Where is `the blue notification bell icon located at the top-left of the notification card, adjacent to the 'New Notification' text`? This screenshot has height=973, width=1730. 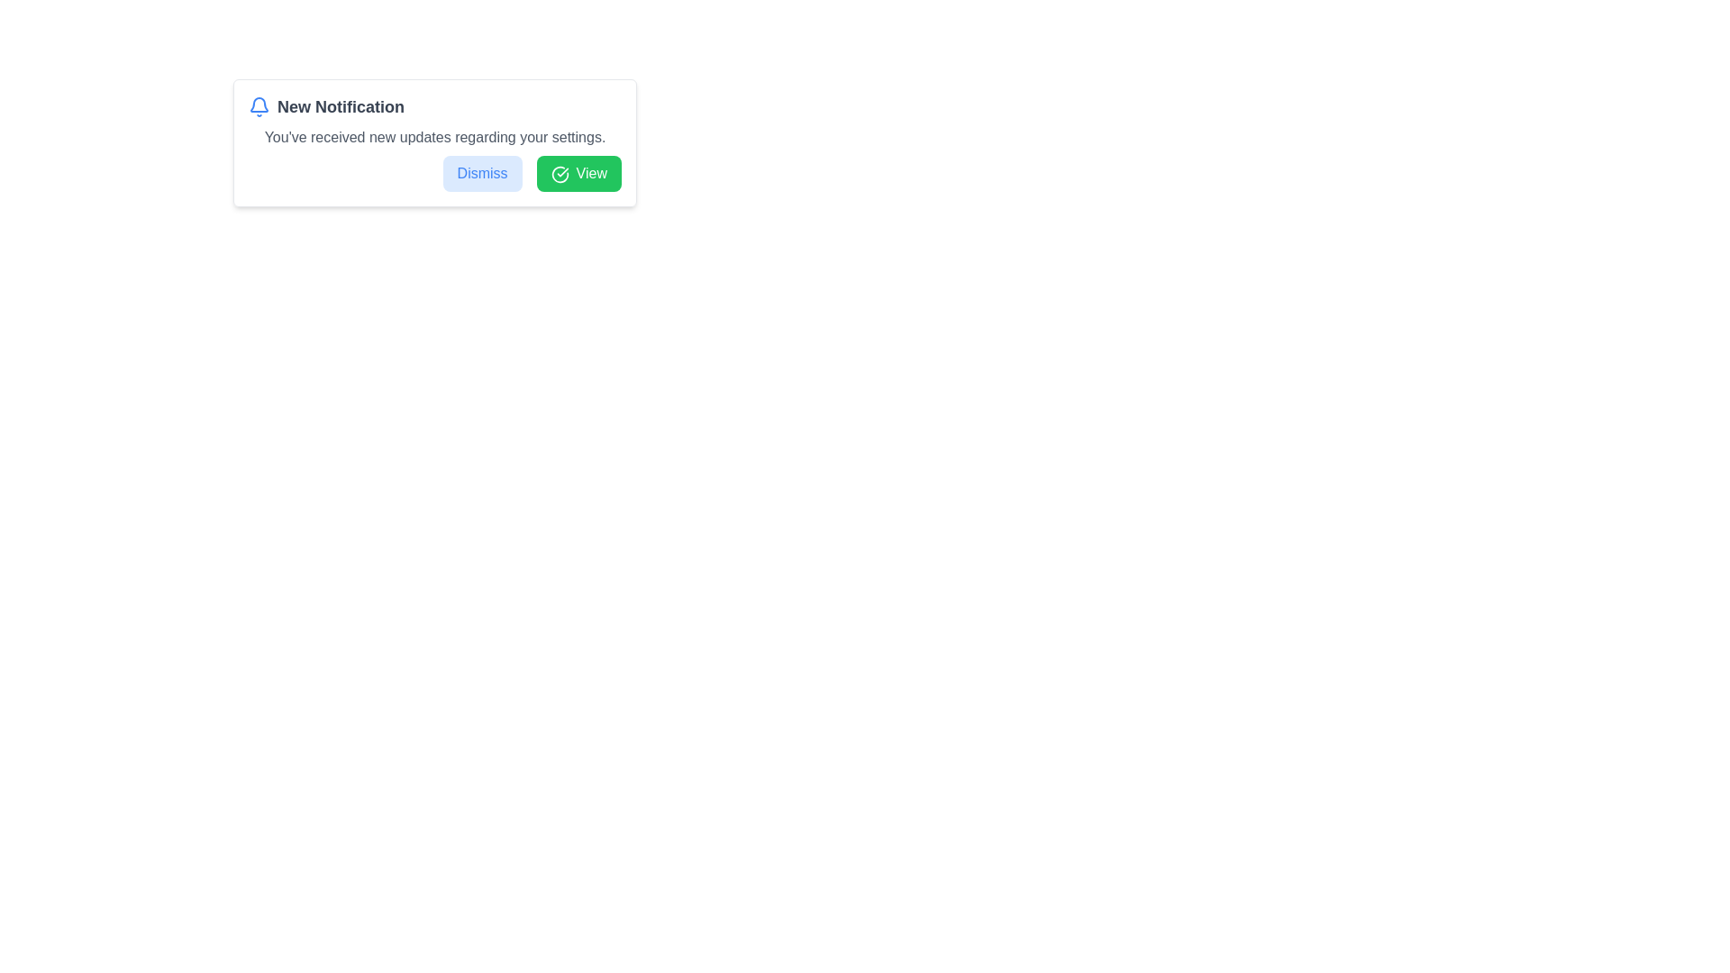
the blue notification bell icon located at the top-left of the notification card, adjacent to the 'New Notification' text is located at coordinates (259, 107).